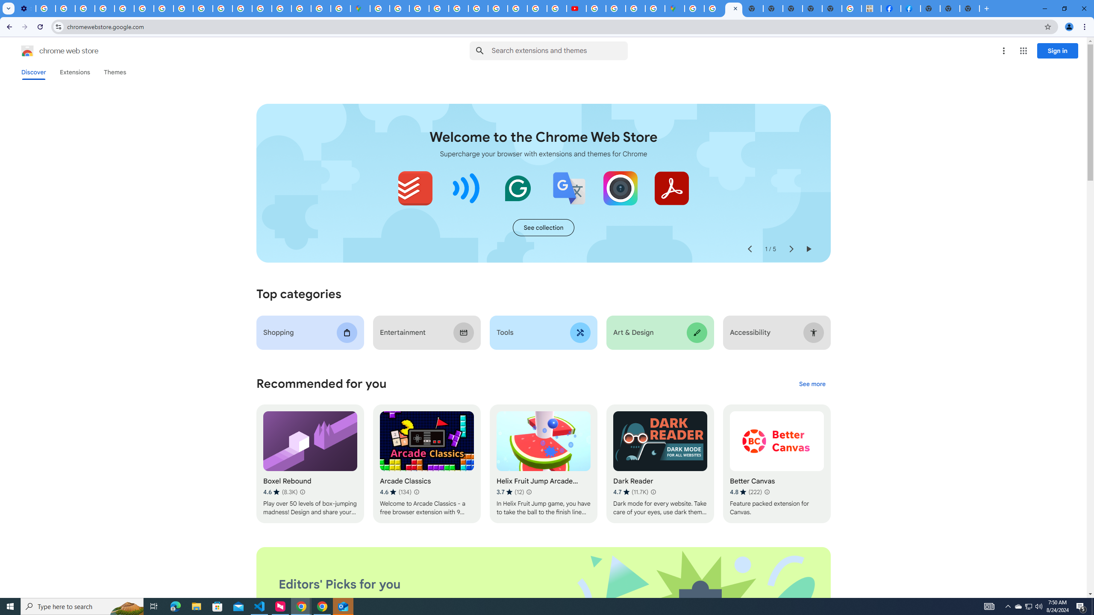  I want to click on 'Dark Reader', so click(660, 463).